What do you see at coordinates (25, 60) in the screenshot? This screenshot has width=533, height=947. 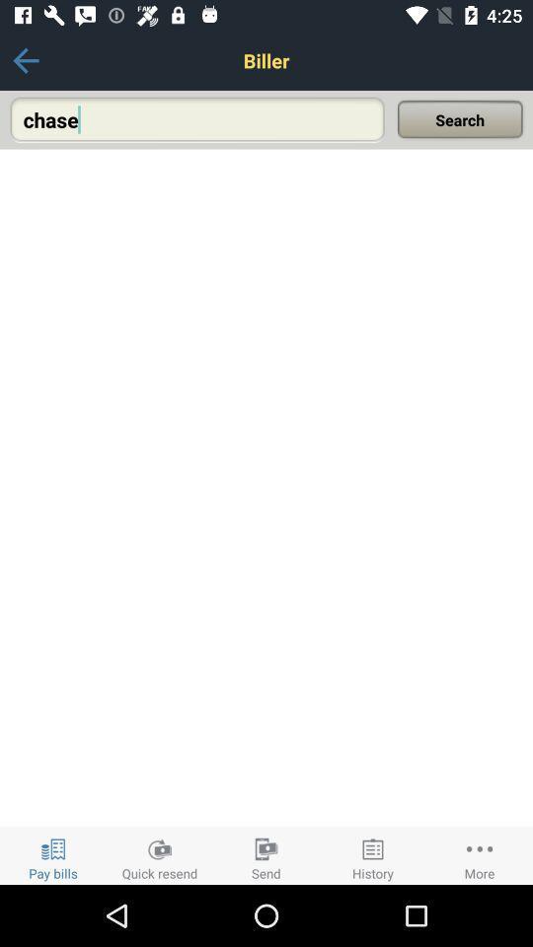 I see `back button` at bounding box center [25, 60].